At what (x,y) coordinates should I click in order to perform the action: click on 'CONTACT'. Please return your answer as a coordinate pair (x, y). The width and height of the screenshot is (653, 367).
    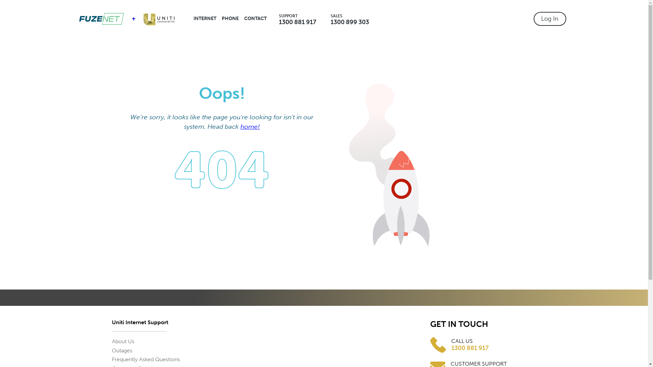
    Looking at the image, I should click on (255, 18).